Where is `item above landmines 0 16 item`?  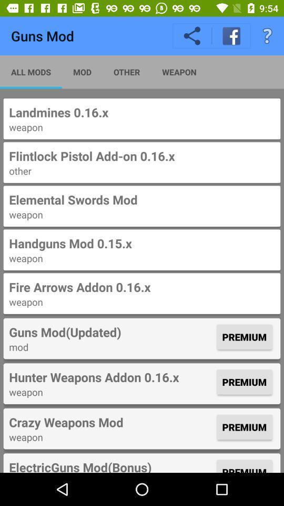 item above landmines 0 16 item is located at coordinates (31, 71).